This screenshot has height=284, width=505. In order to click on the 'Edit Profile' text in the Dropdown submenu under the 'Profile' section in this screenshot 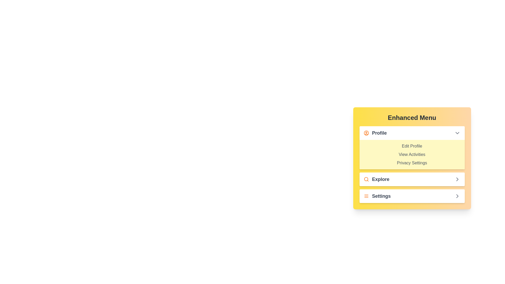, I will do `click(412, 148)`.